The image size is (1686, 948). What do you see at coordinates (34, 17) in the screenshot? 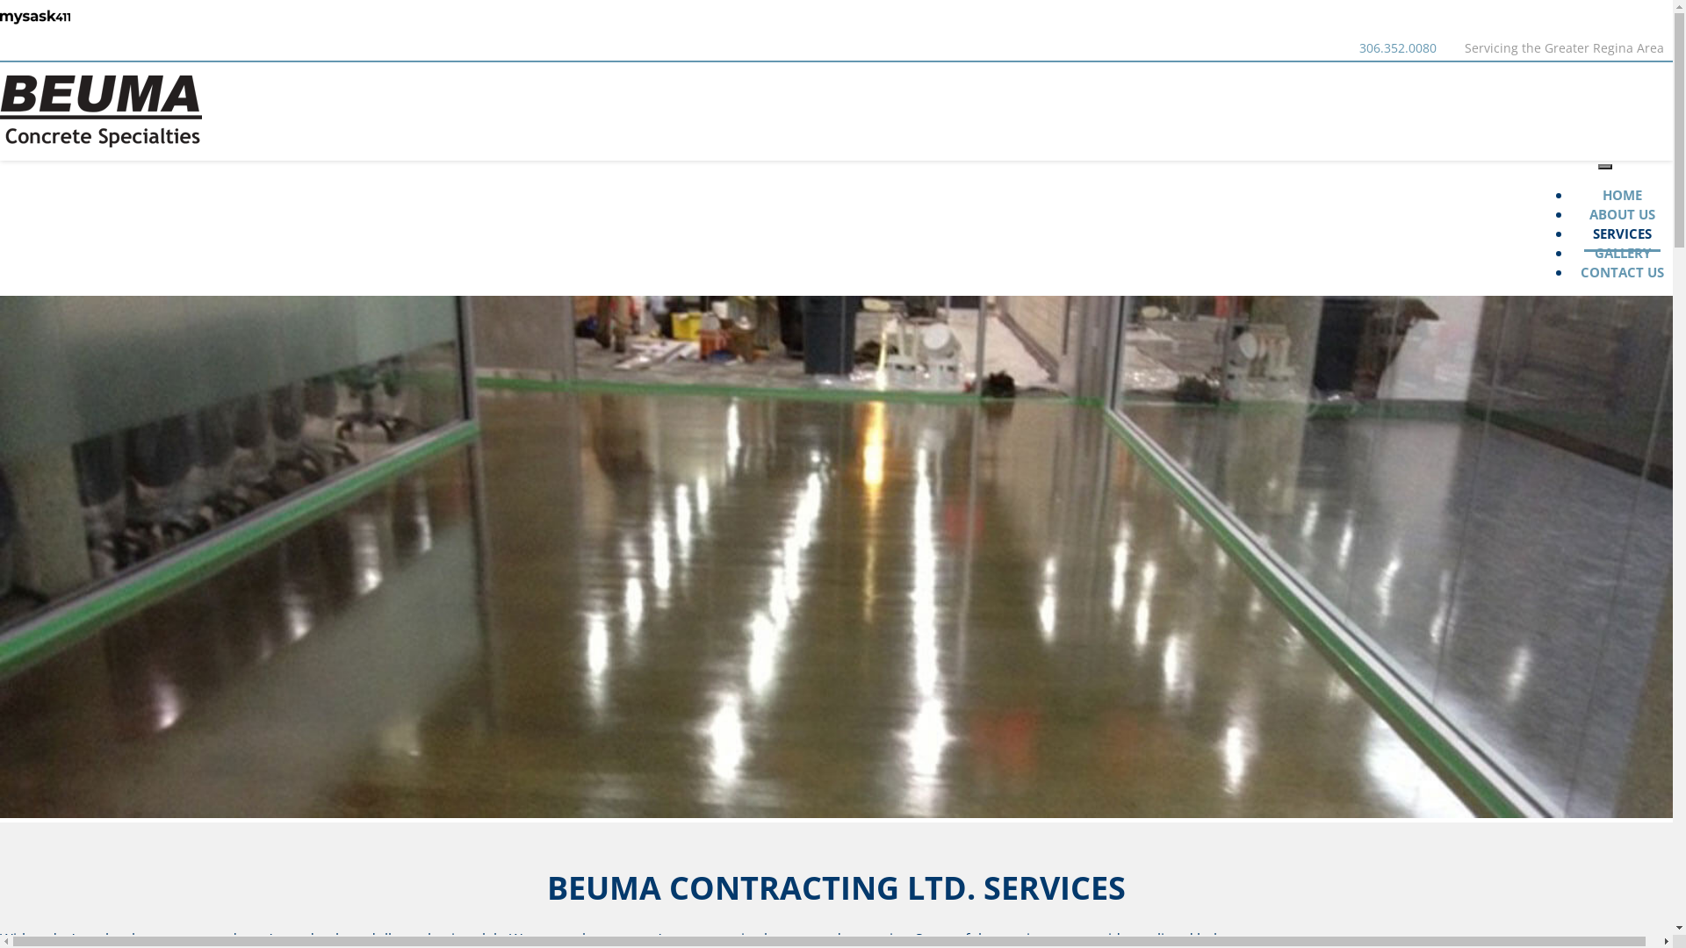
I see `'Mysask411 Logo'` at bounding box center [34, 17].